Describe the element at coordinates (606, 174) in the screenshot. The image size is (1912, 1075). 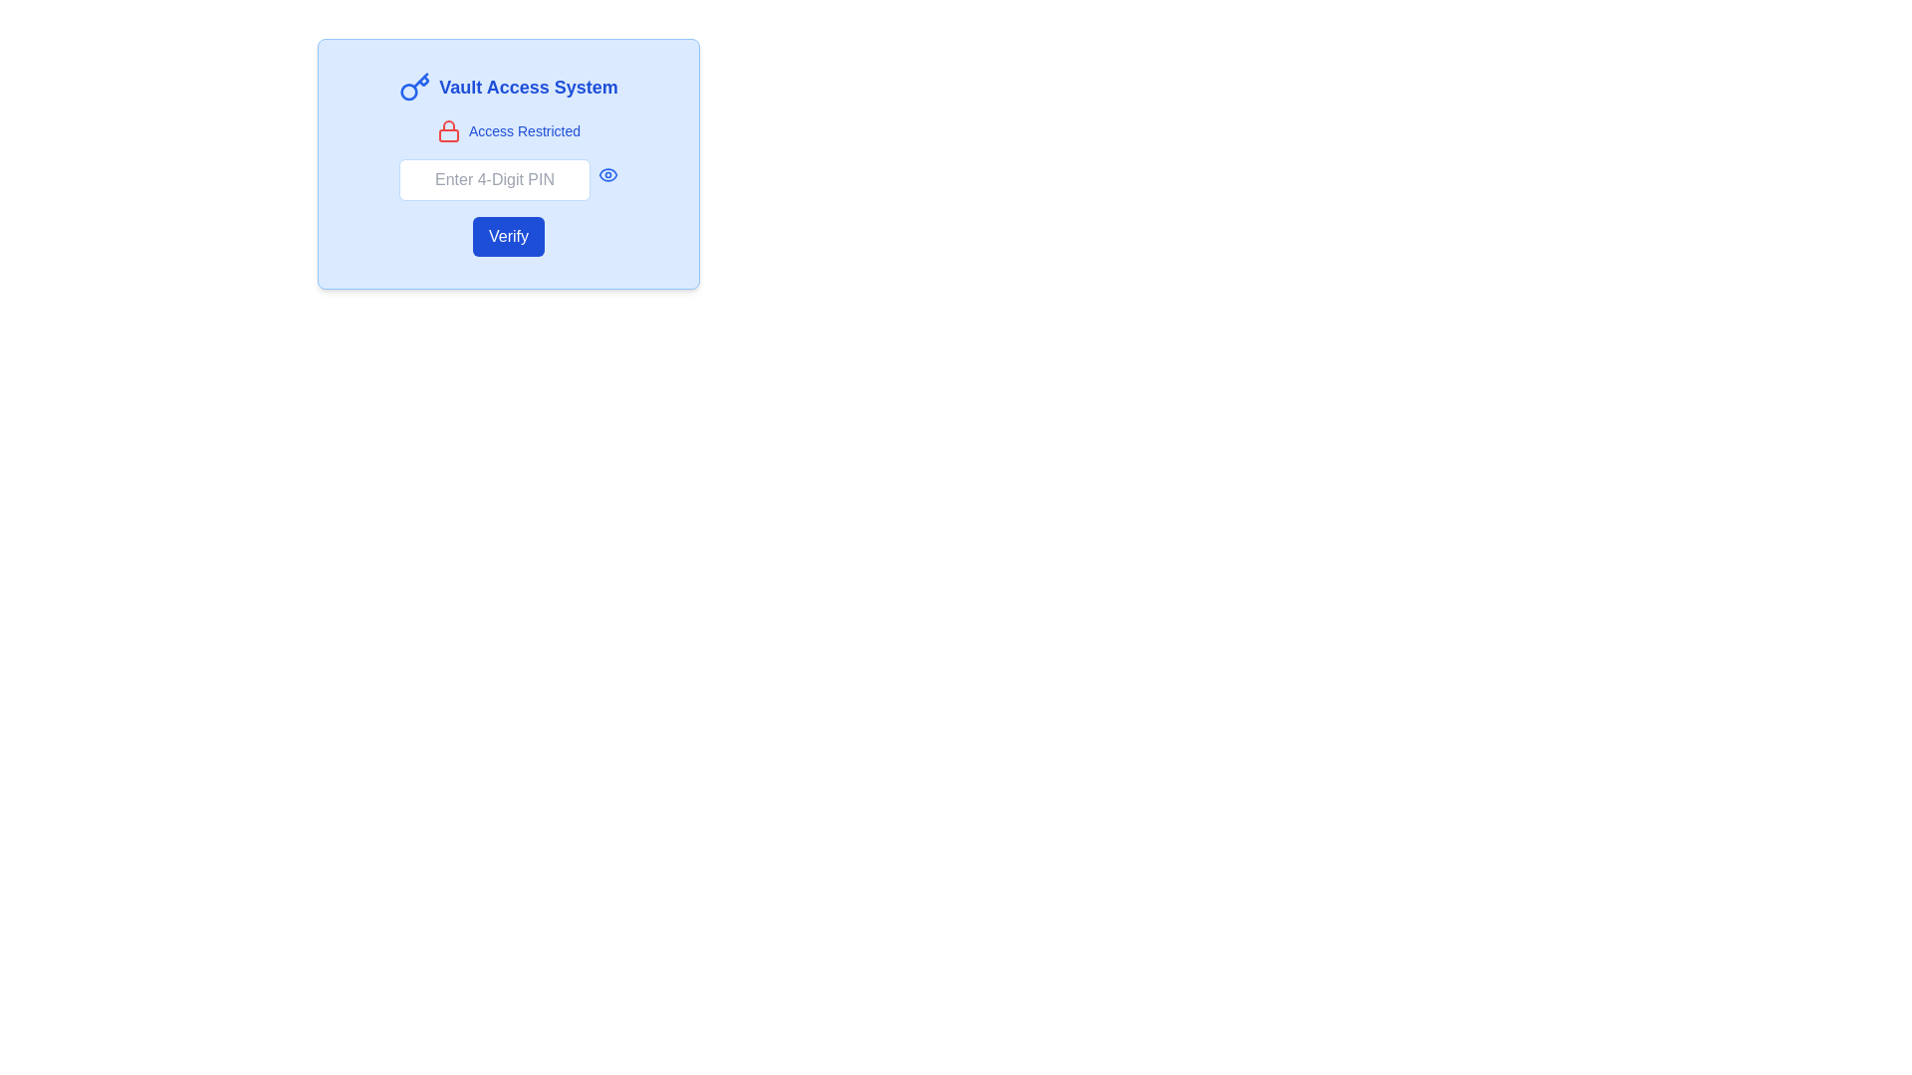
I see `the Icon button on the far right of the 'Enter 4-Digit PIN' input field` at that location.